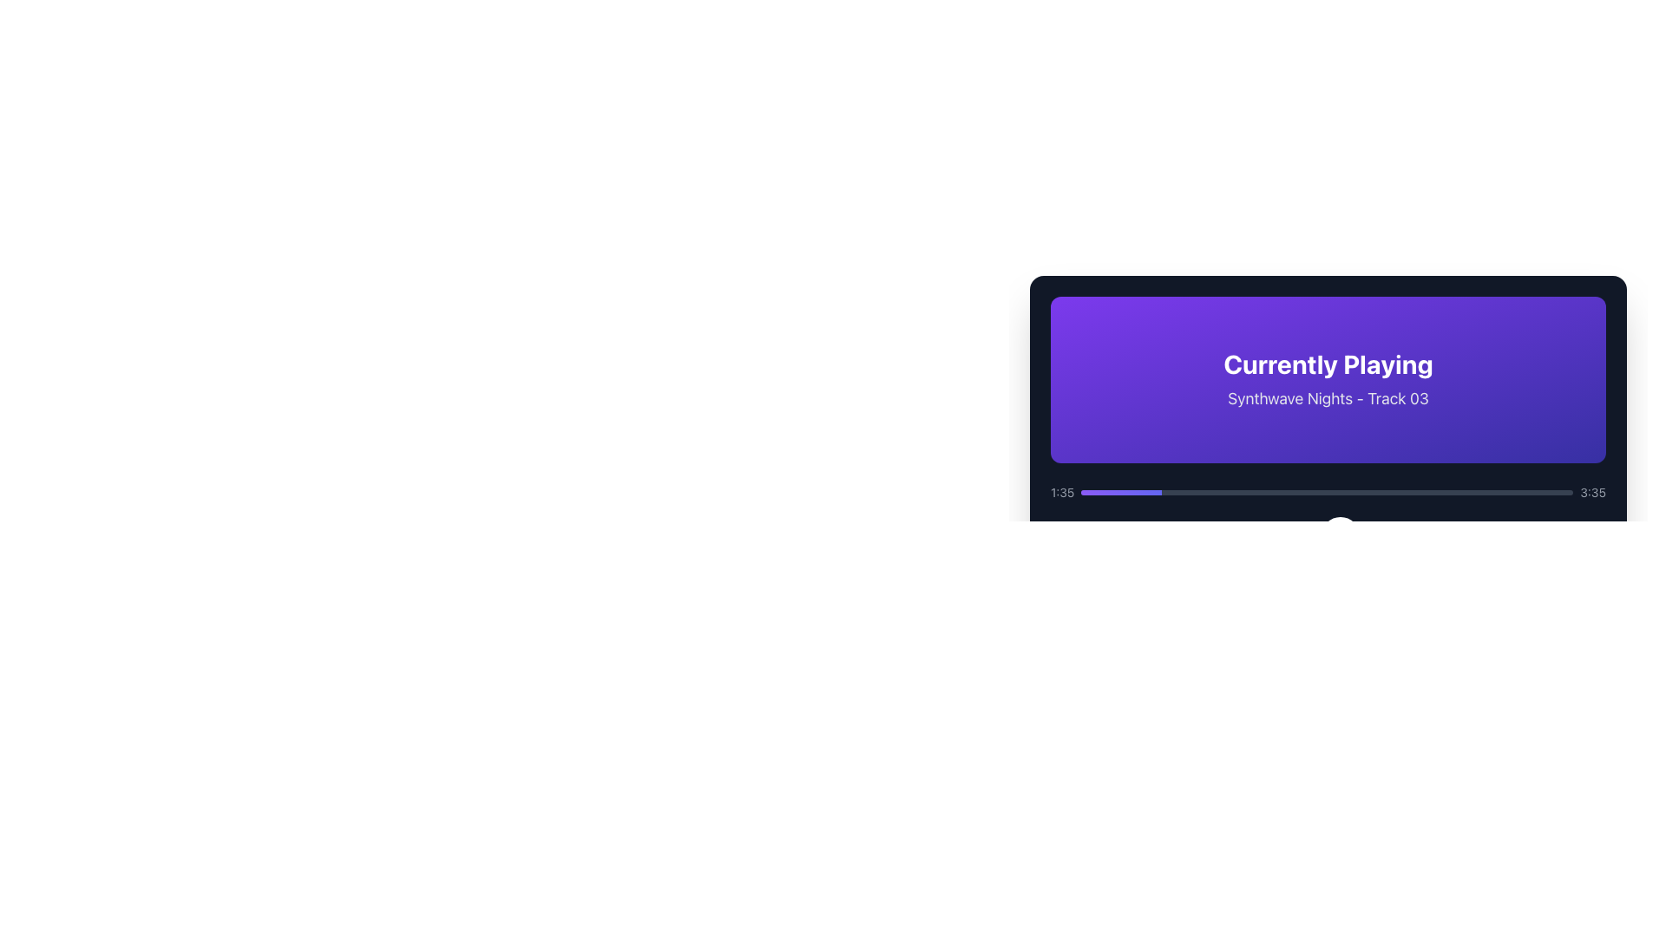  I want to click on the progress bar located centrally at the bottom of the section that displays the 'Currently Playing' label and track information, so click(1328, 492).